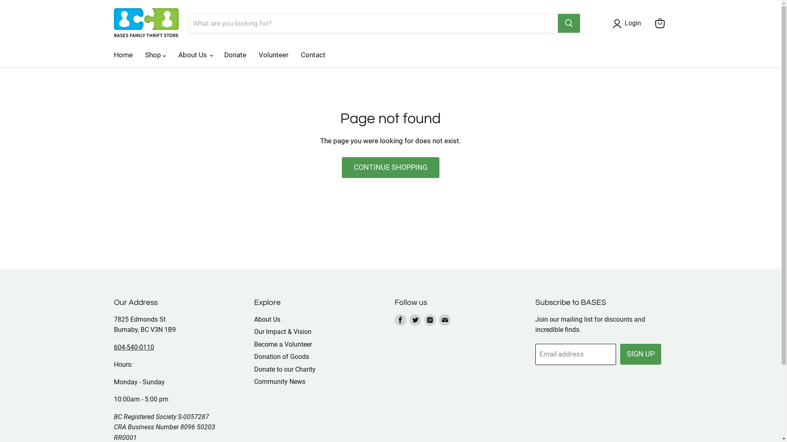 This screenshot has height=442, width=787. Describe the element at coordinates (107, 55) in the screenshot. I see `'Home'` at that location.